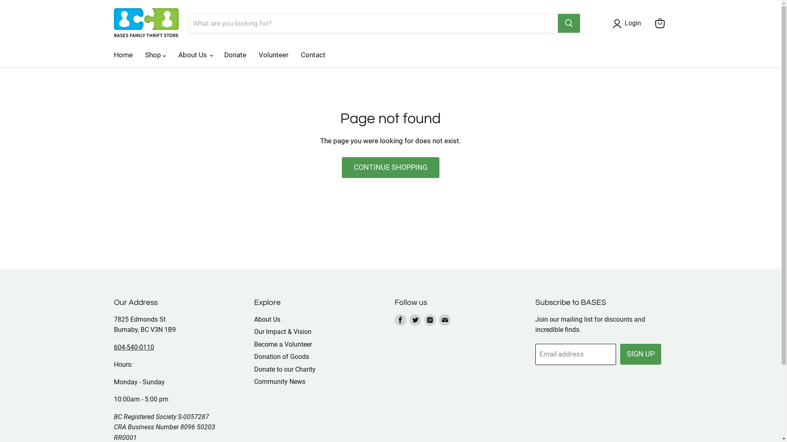 This screenshot has height=442, width=787. Describe the element at coordinates (107, 55) in the screenshot. I see `'Home'` at that location.